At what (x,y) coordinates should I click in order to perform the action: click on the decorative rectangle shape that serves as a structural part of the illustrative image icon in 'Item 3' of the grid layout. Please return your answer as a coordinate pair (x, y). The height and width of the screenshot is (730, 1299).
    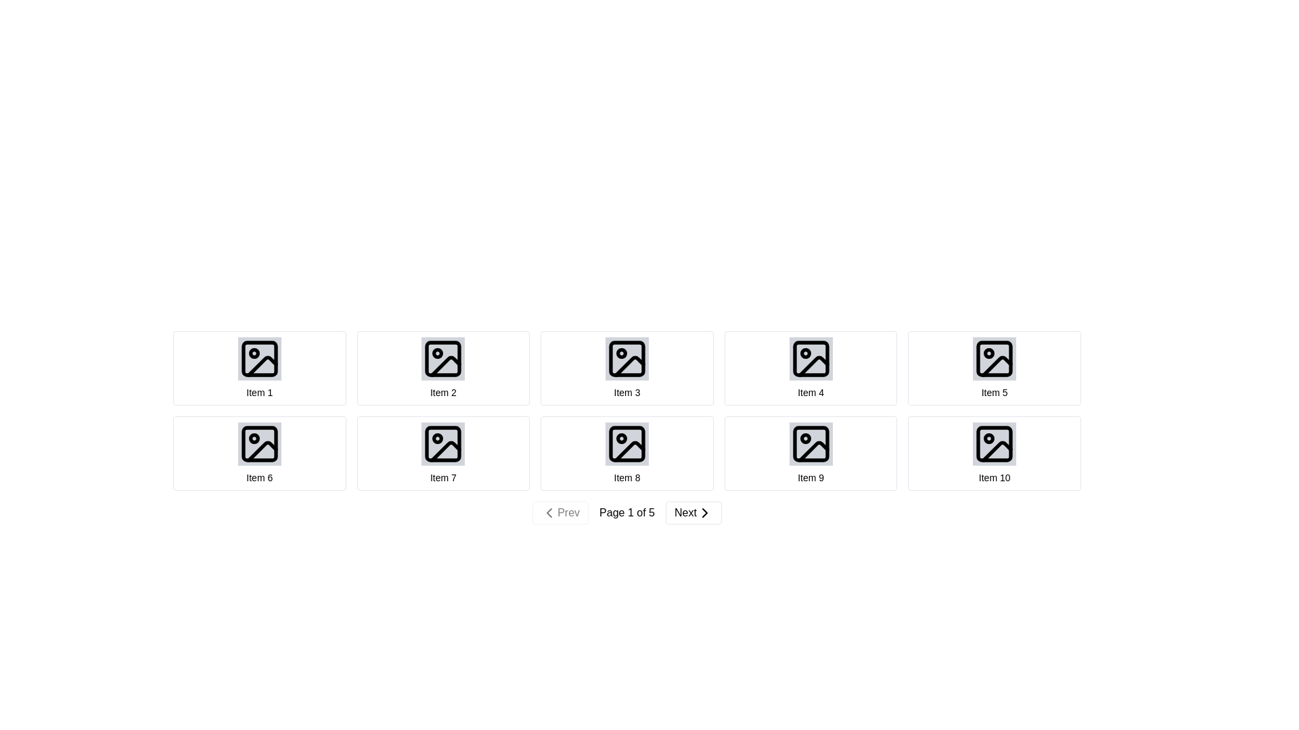
    Looking at the image, I should click on (626, 358).